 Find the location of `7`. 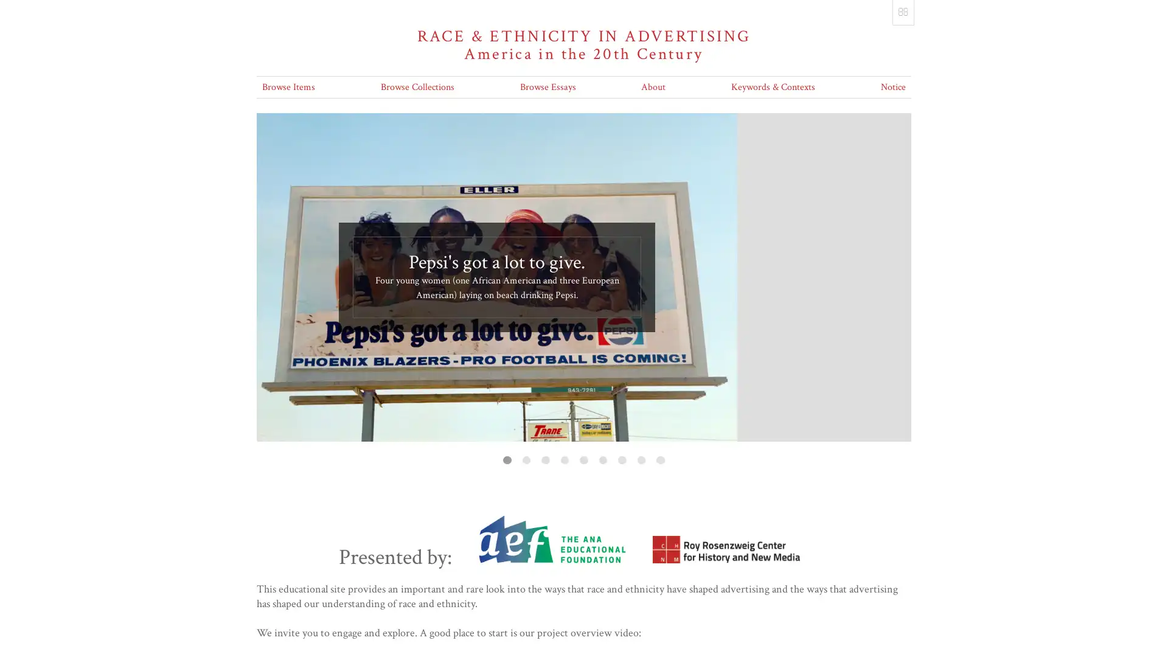

7 is located at coordinates (622, 460).